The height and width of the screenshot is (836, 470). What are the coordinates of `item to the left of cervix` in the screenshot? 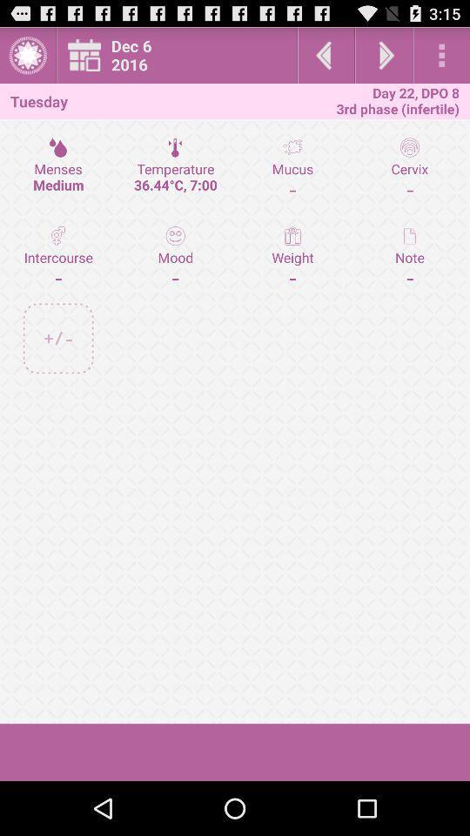 It's located at (292, 255).